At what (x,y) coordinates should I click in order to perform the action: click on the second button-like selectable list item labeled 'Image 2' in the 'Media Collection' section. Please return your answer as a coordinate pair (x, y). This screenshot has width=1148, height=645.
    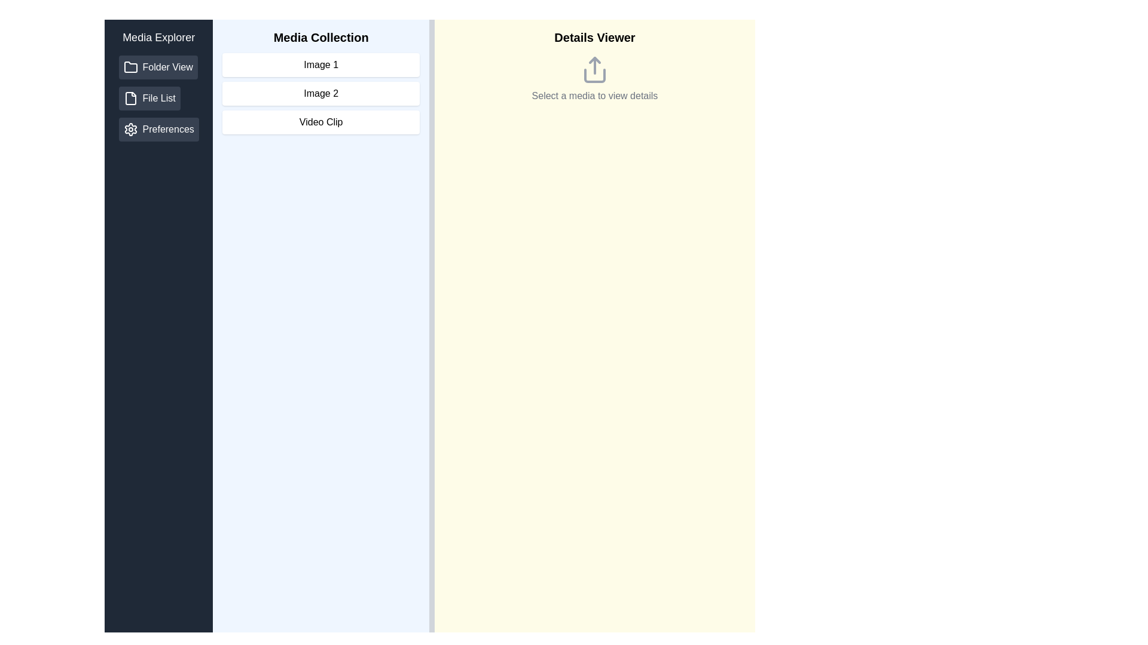
    Looking at the image, I should click on (321, 93).